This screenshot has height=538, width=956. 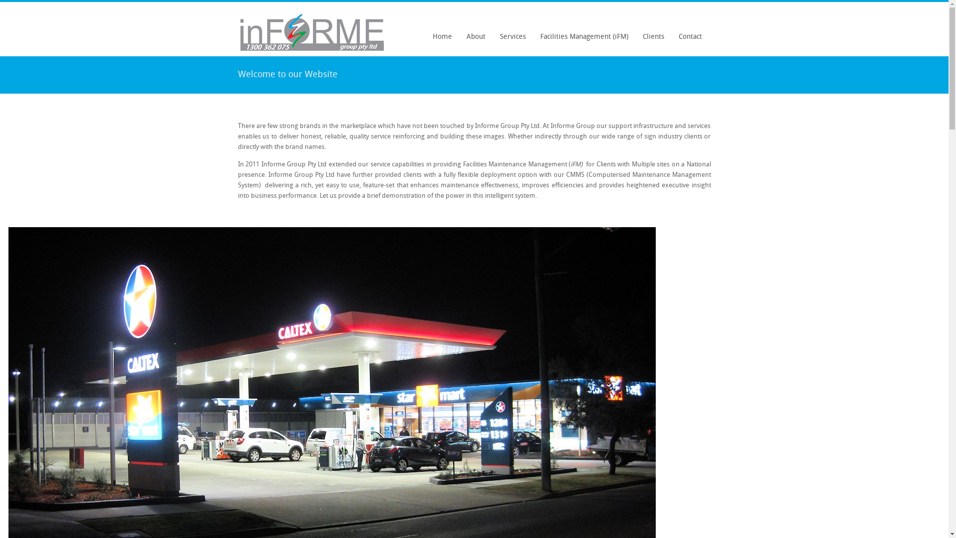 I want to click on 'Contact', so click(x=690, y=36).